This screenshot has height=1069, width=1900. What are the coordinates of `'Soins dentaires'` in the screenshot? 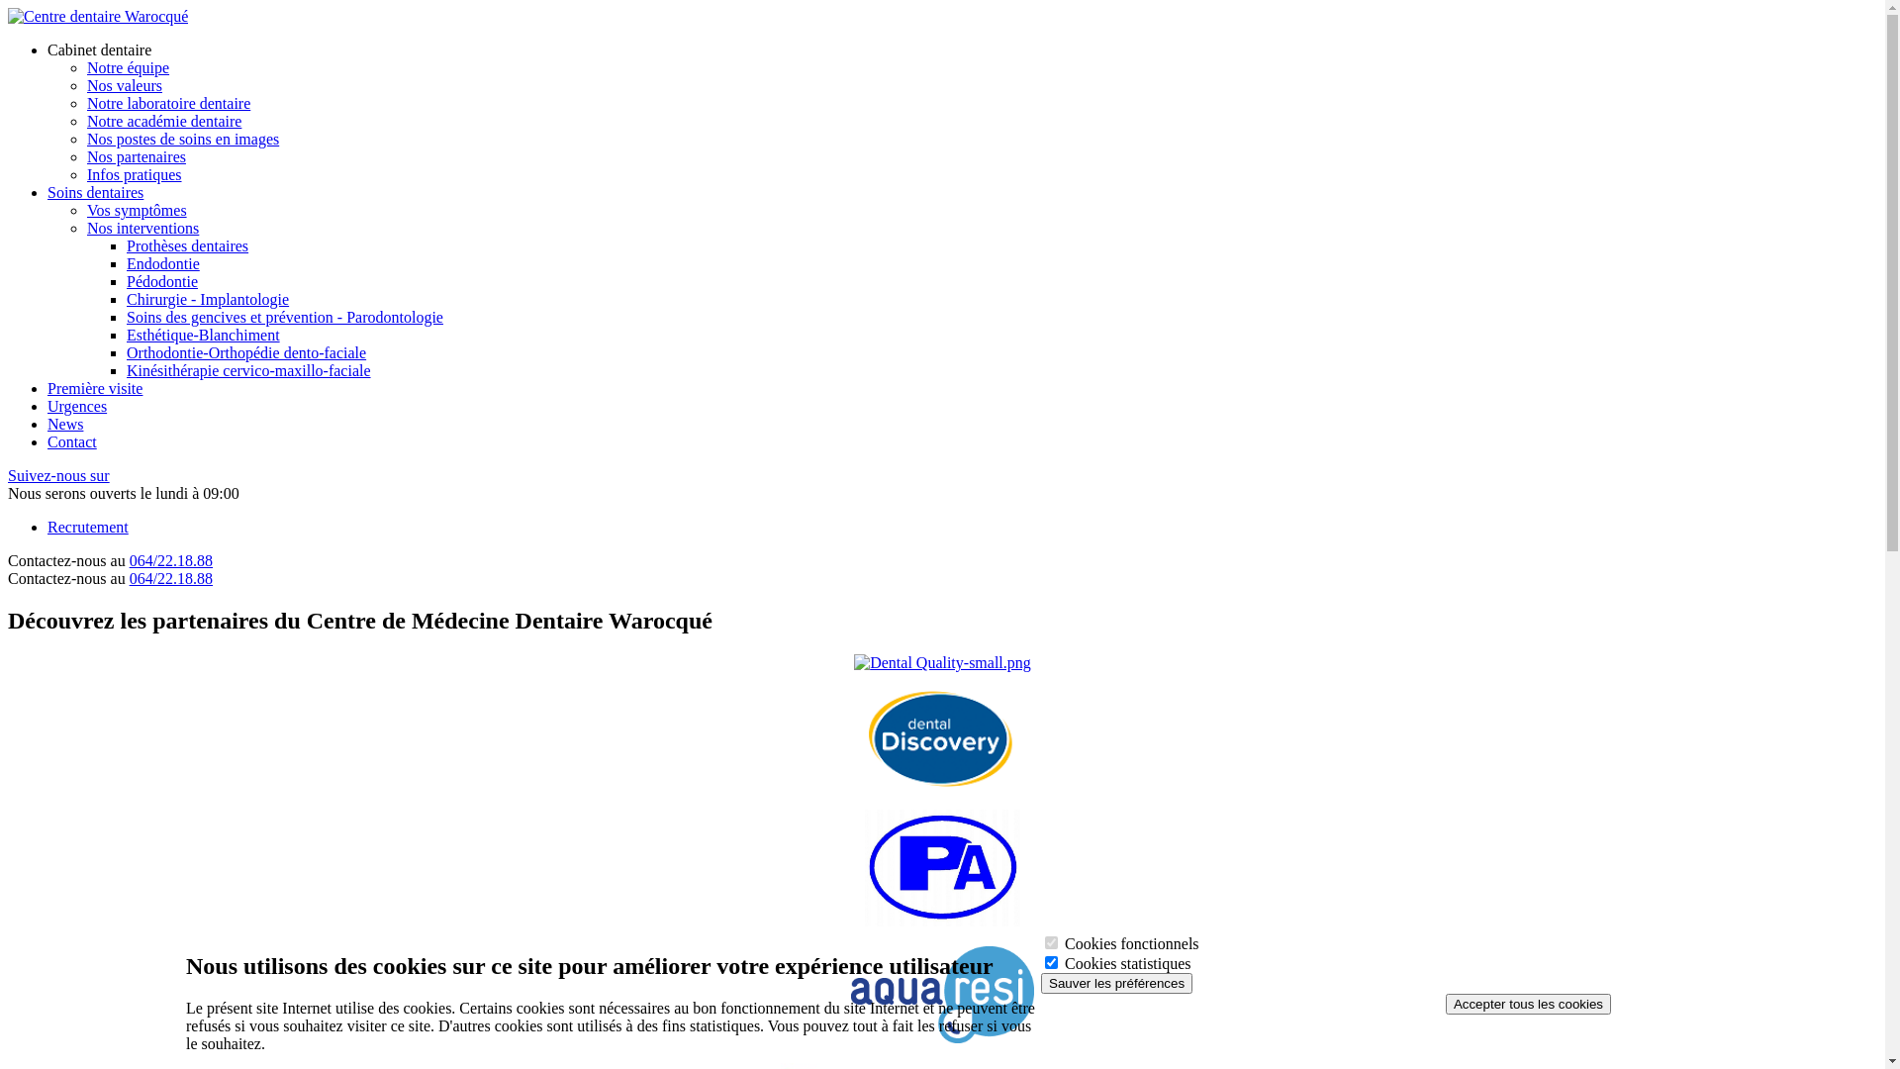 It's located at (94, 192).